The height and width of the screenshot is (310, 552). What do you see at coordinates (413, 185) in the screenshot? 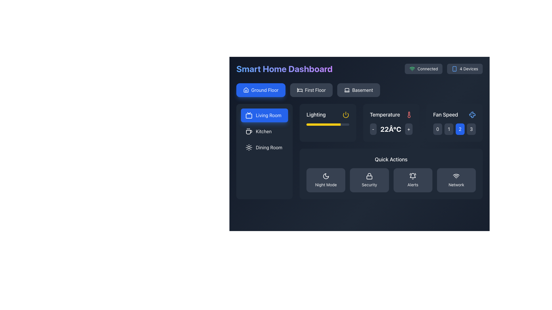
I see `text label 'Alerts' that is styled in a smaller font size and grayish color, located in the 'Quick Actions' area beneath a bell-like icon` at bounding box center [413, 185].